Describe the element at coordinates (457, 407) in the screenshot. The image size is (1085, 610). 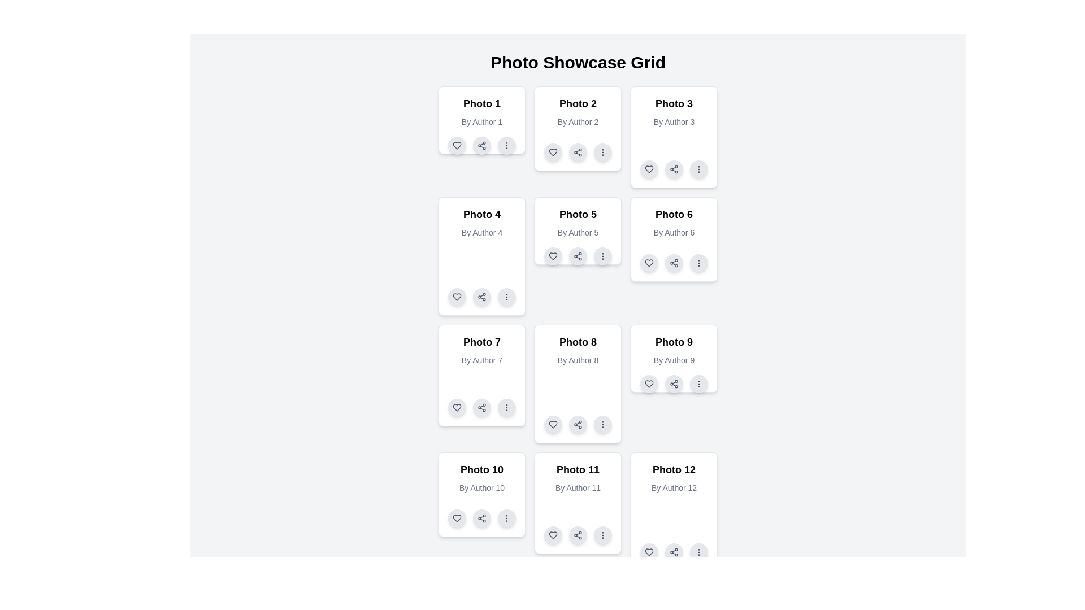
I see `the heart-shaped icon within the 'Photo 7' interactive card in the 'Photo Showcase Grid'` at that location.